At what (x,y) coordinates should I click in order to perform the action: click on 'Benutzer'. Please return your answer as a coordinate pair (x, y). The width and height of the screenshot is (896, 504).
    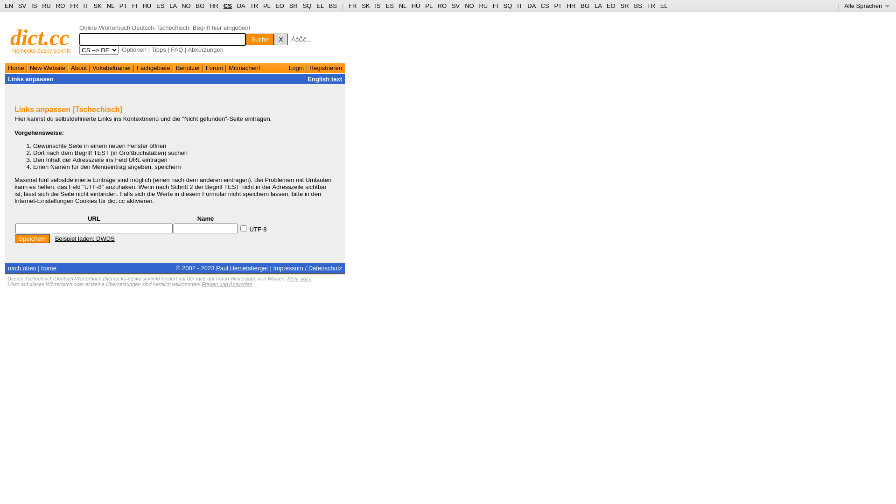
    Looking at the image, I should click on (188, 67).